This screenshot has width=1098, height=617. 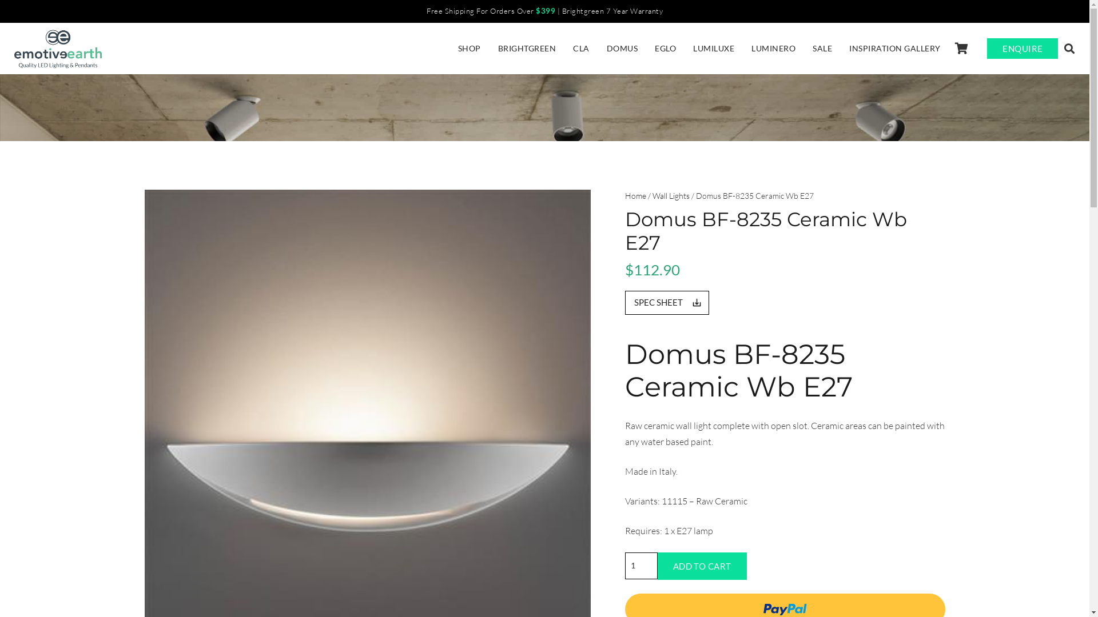 I want to click on 'LUMINERO', so click(x=773, y=47).